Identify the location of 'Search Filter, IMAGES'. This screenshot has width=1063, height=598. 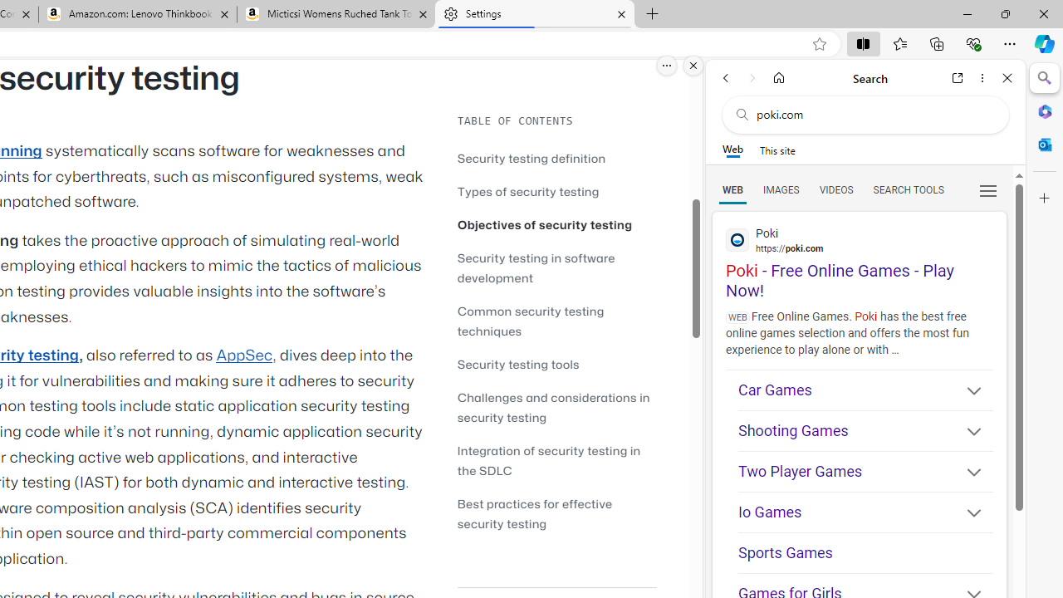
(780, 189).